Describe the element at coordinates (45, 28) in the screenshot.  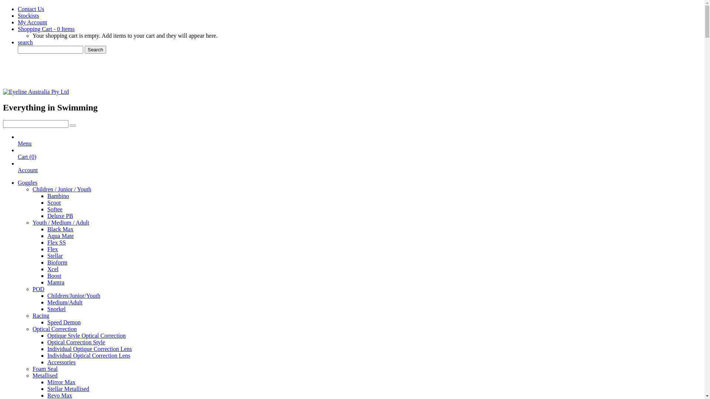
I see `'Shopping Cart - 0 Items'` at that location.